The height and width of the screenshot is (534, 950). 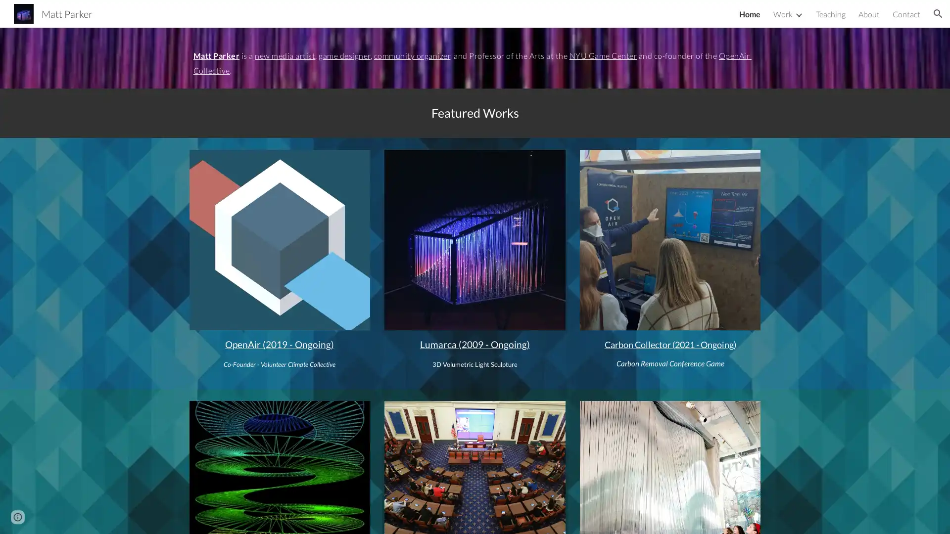 What do you see at coordinates (529, 112) in the screenshot?
I see `Copy heading link` at bounding box center [529, 112].